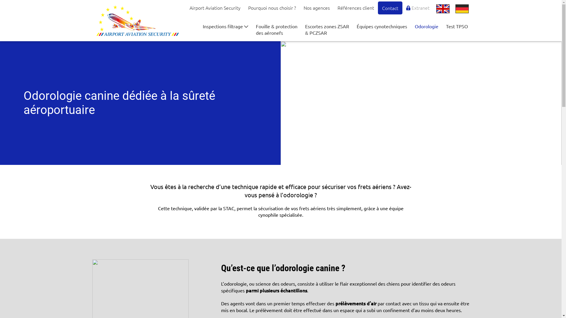 The height and width of the screenshot is (318, 566). Describe the element at coordinates (390, 8) in the screenshot. I see `'Contact'` at that location.